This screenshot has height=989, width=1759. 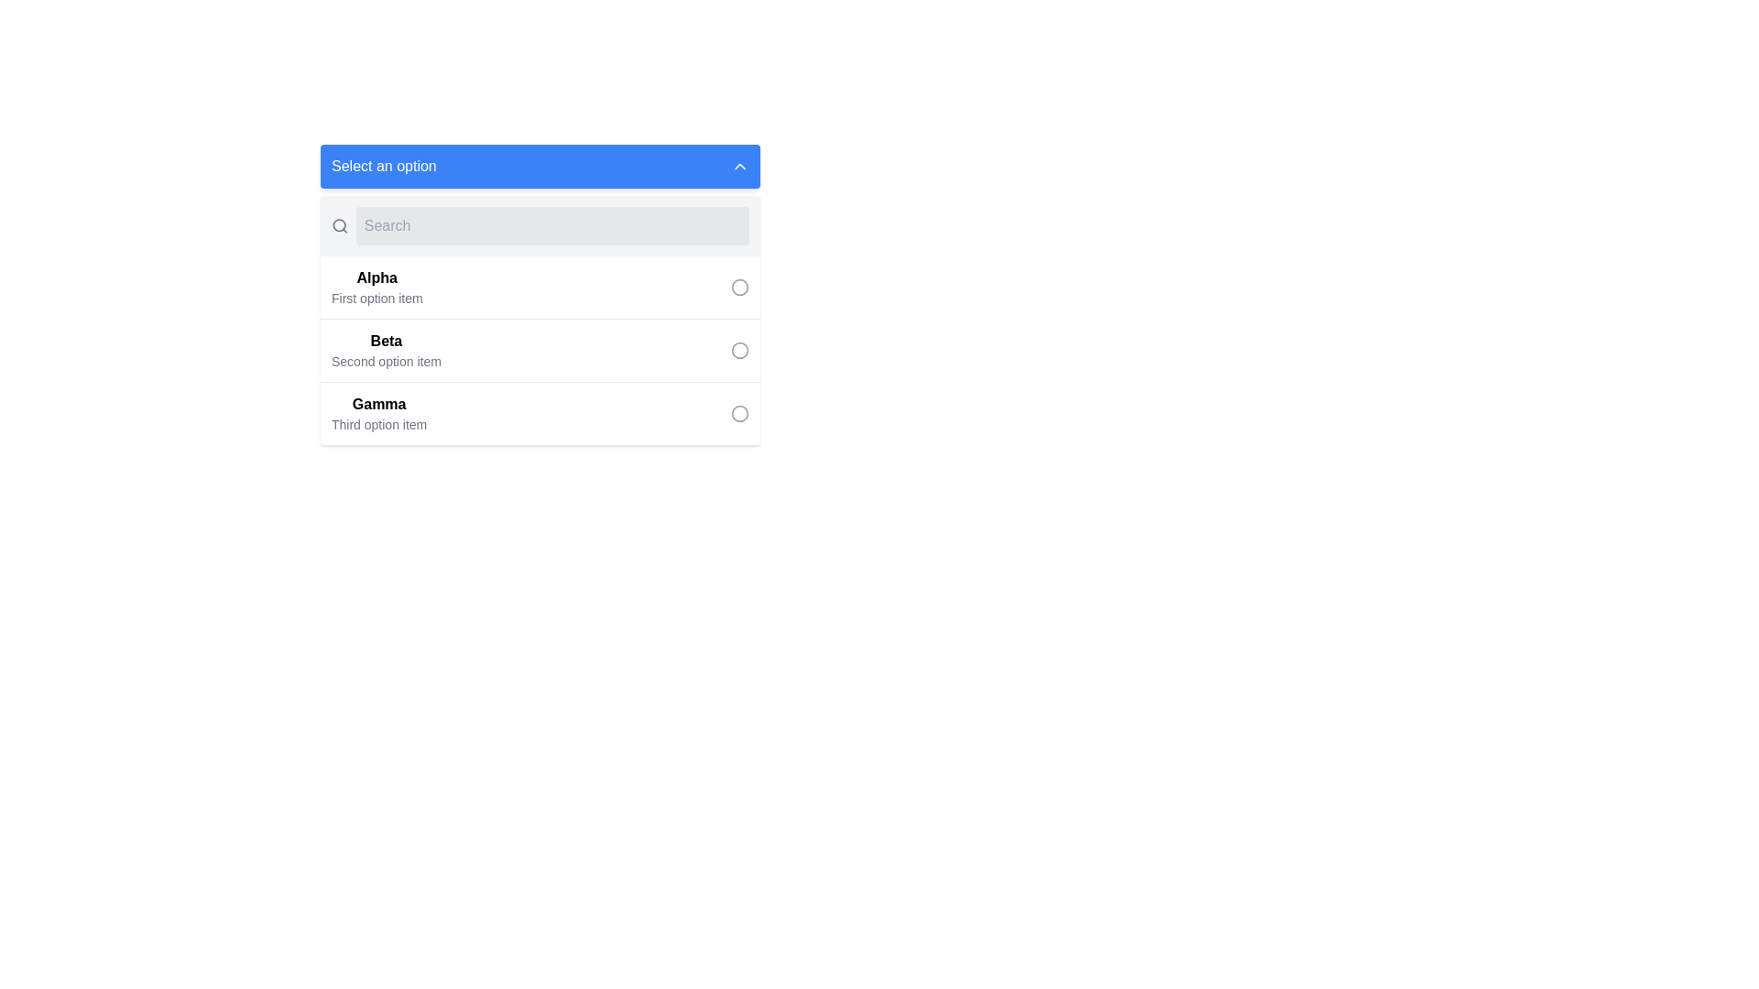 What do you see at coordinates (540, 414) in the screenshot?
I see `the third item` at bounding box center [540, 414].